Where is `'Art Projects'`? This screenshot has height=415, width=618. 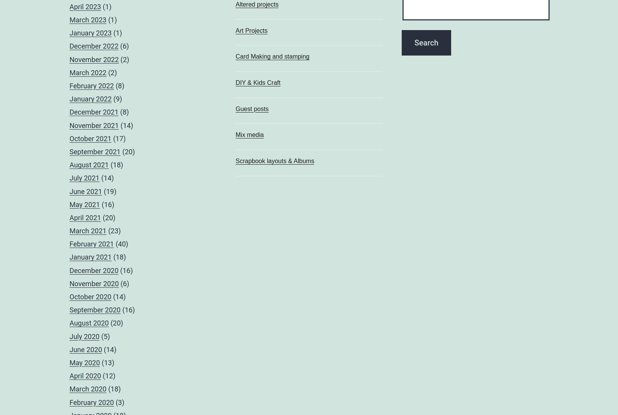
'Art Projects' is located at coordinates (251, 30).